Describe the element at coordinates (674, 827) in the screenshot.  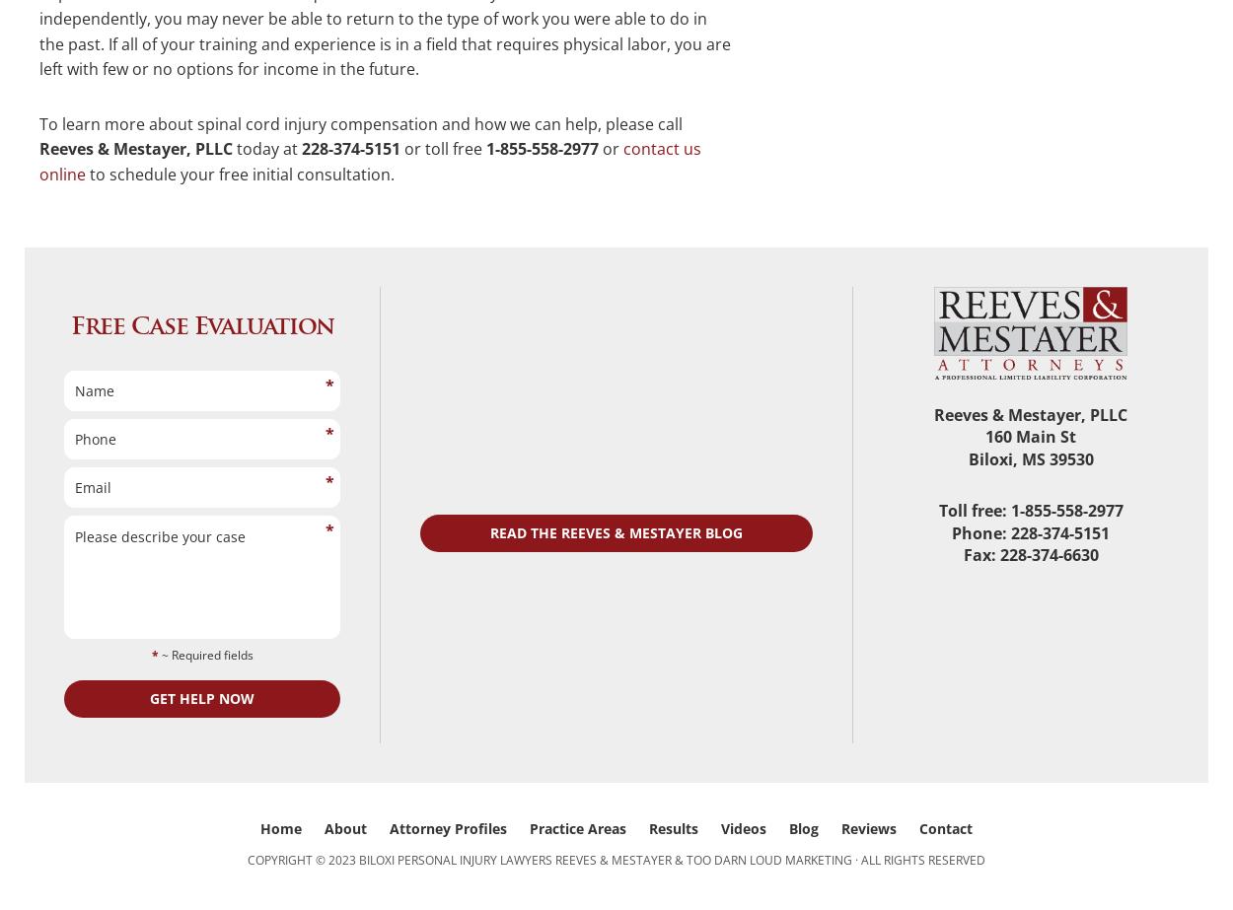
I see `'Results'` at that location.